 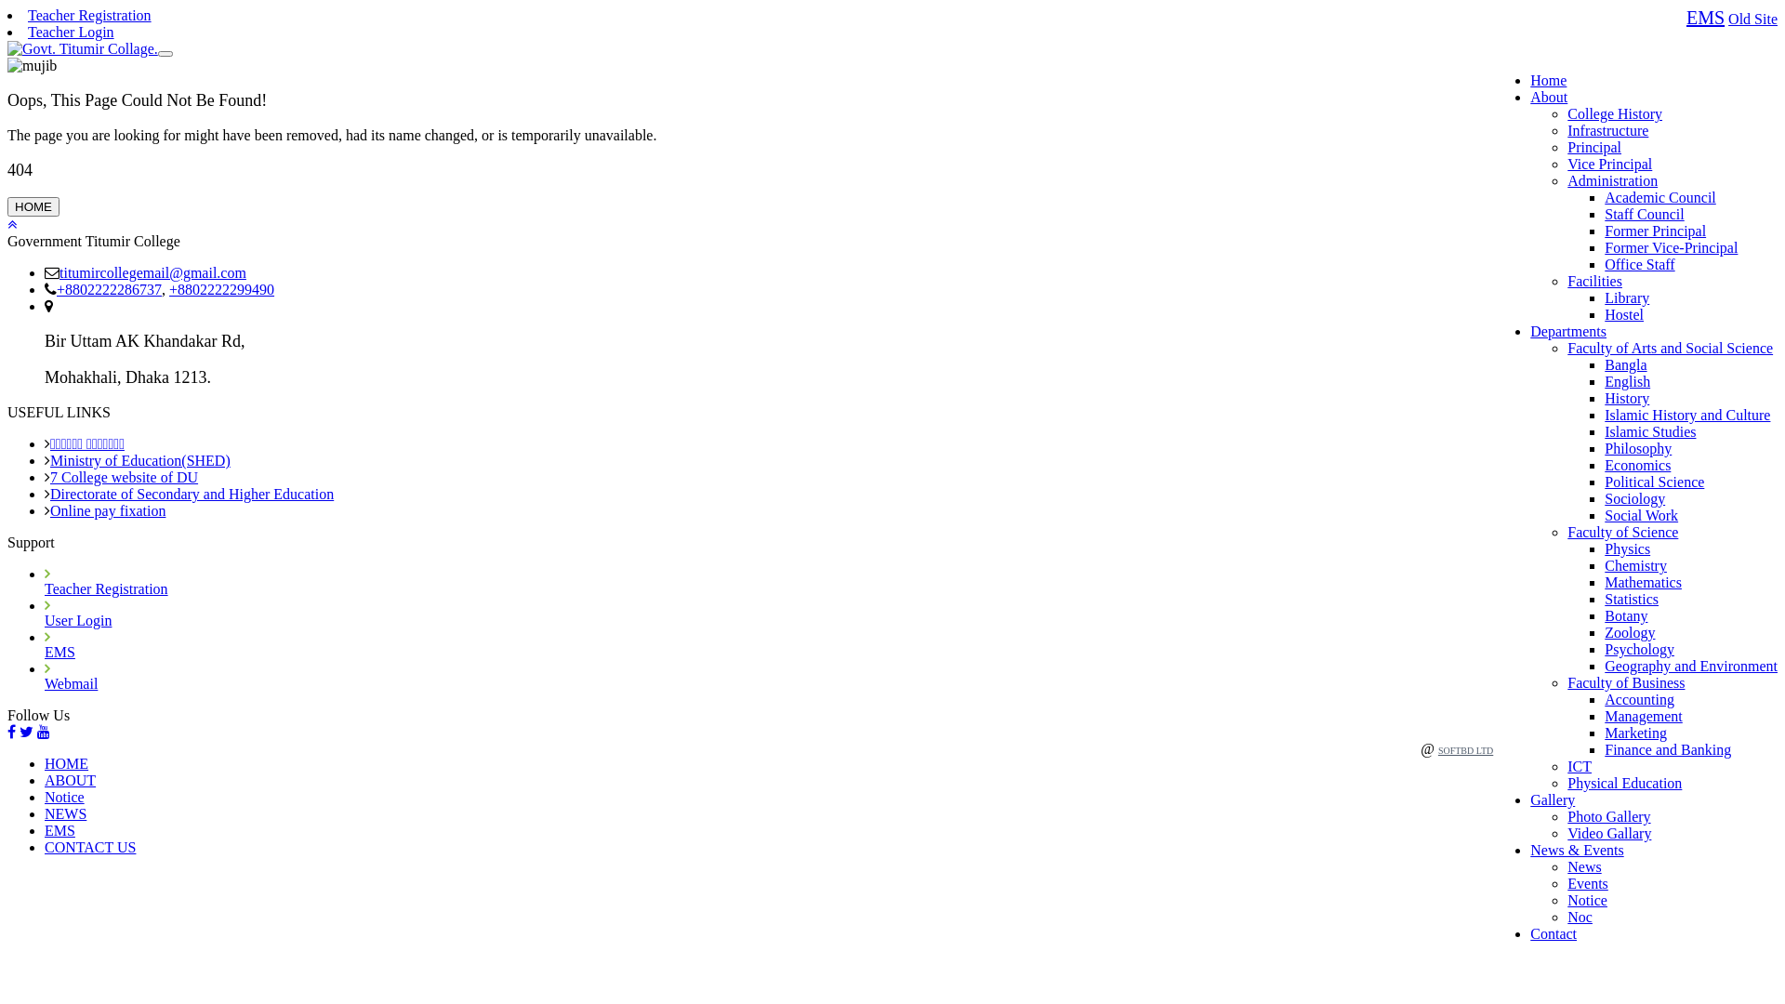 What do you see at coordinates (1686, 414) in the screenshot?
I see `'Islamic History and Culture'` at bounding box center [1686, 414].